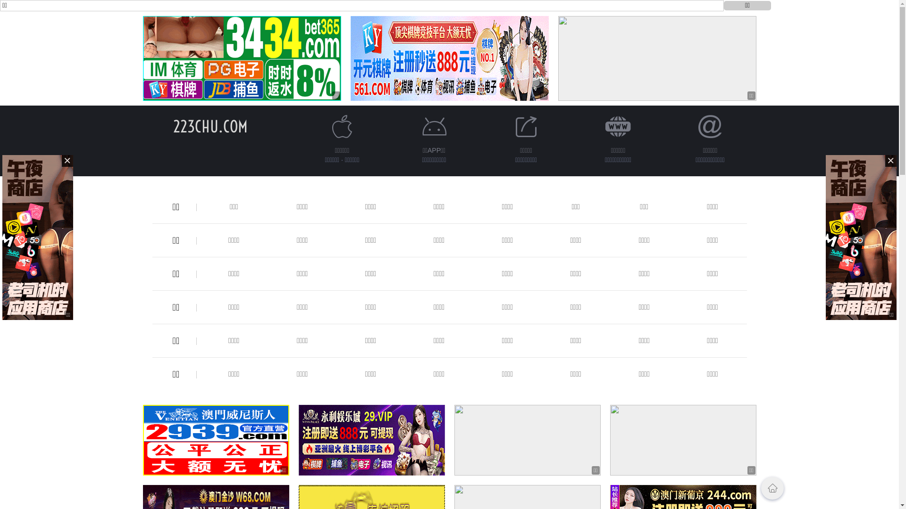  What do you see at coordinates (210, 126) in the screenshot?
I see `'223CHU.COM'` at bounding box center [210, 126].